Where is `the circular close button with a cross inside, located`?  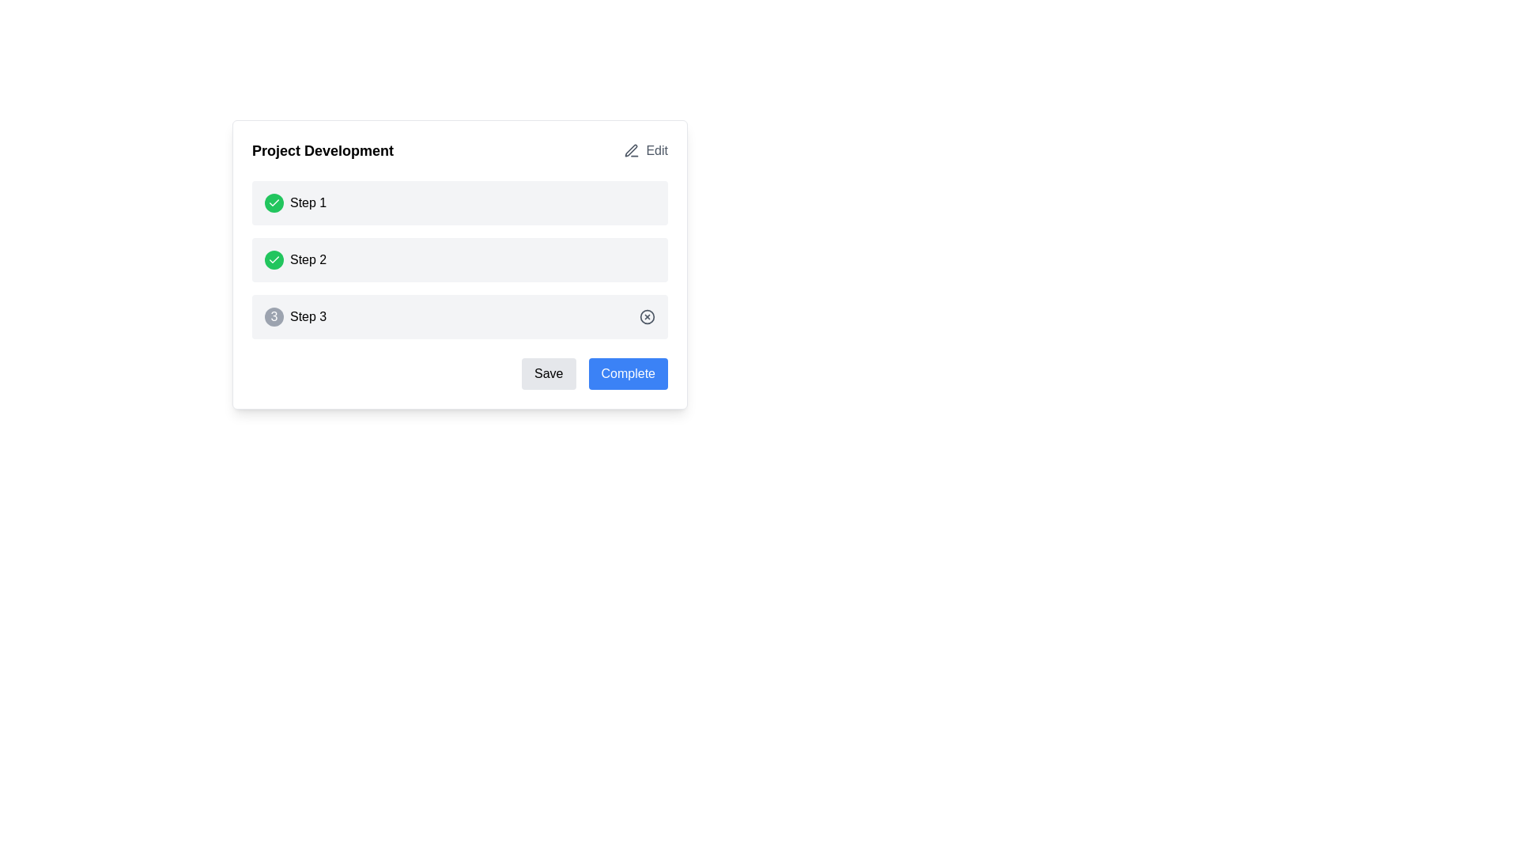
the circular close button with a cross inside, located is located at coordinates (648, 317).